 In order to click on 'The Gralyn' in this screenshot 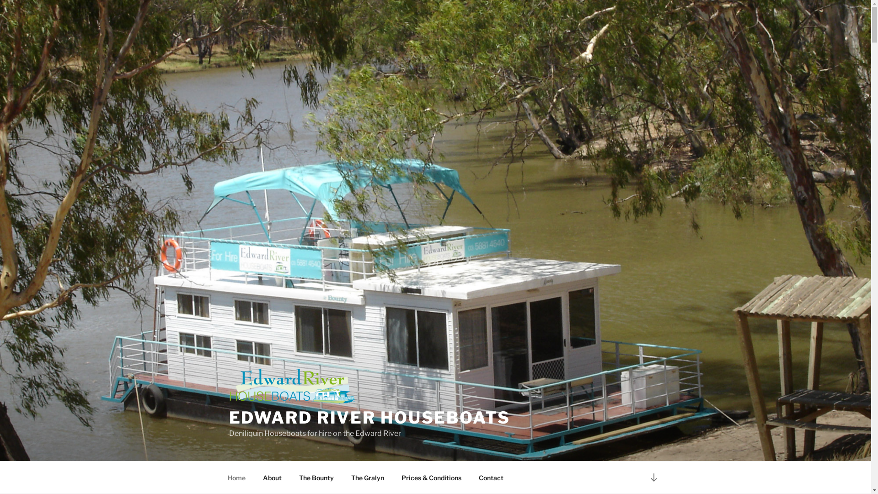, I will do `click(367, 477)`.